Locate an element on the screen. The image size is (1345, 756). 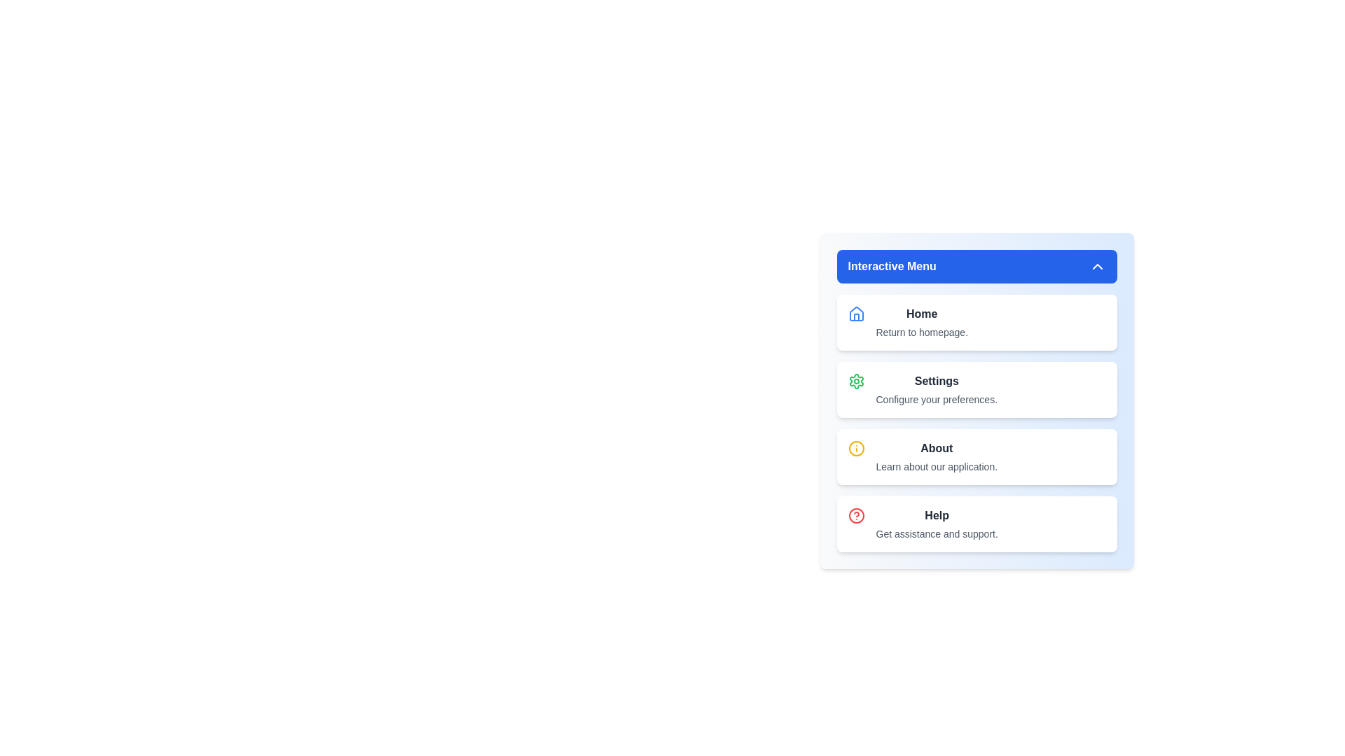
the green gear icon representing settings, located to the left of the 'Settings' text in the second item of the interactive menu is located at coordinates (855, 381).